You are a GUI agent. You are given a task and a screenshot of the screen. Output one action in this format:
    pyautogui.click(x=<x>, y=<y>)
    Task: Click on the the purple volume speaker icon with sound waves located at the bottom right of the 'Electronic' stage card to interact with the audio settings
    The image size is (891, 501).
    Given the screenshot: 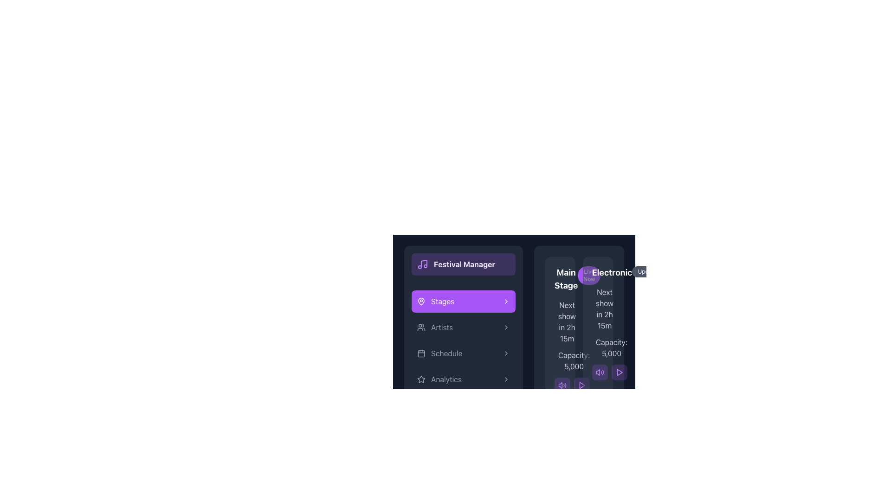 What is the action you would take?
    pyautogui.click(x=562, y=385)
    